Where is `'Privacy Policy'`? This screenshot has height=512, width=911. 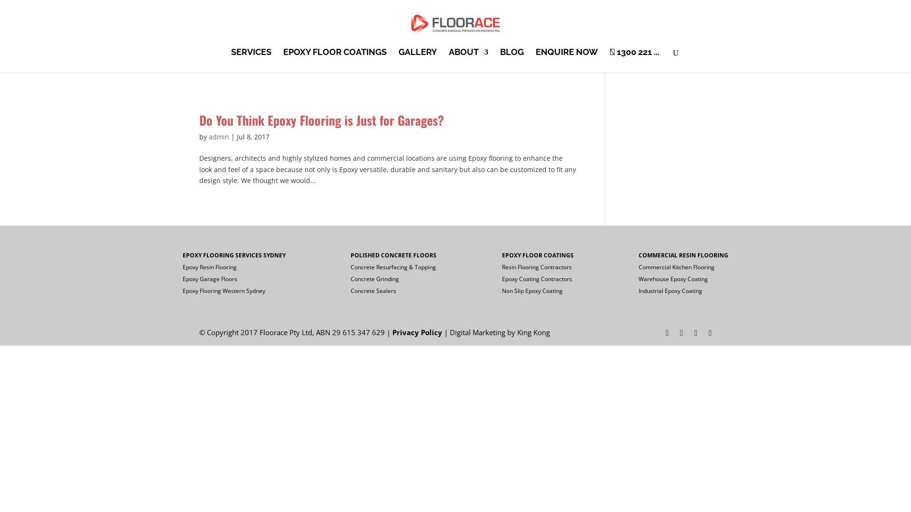 'Privacy Policy' is located at coordinates (417, 332).